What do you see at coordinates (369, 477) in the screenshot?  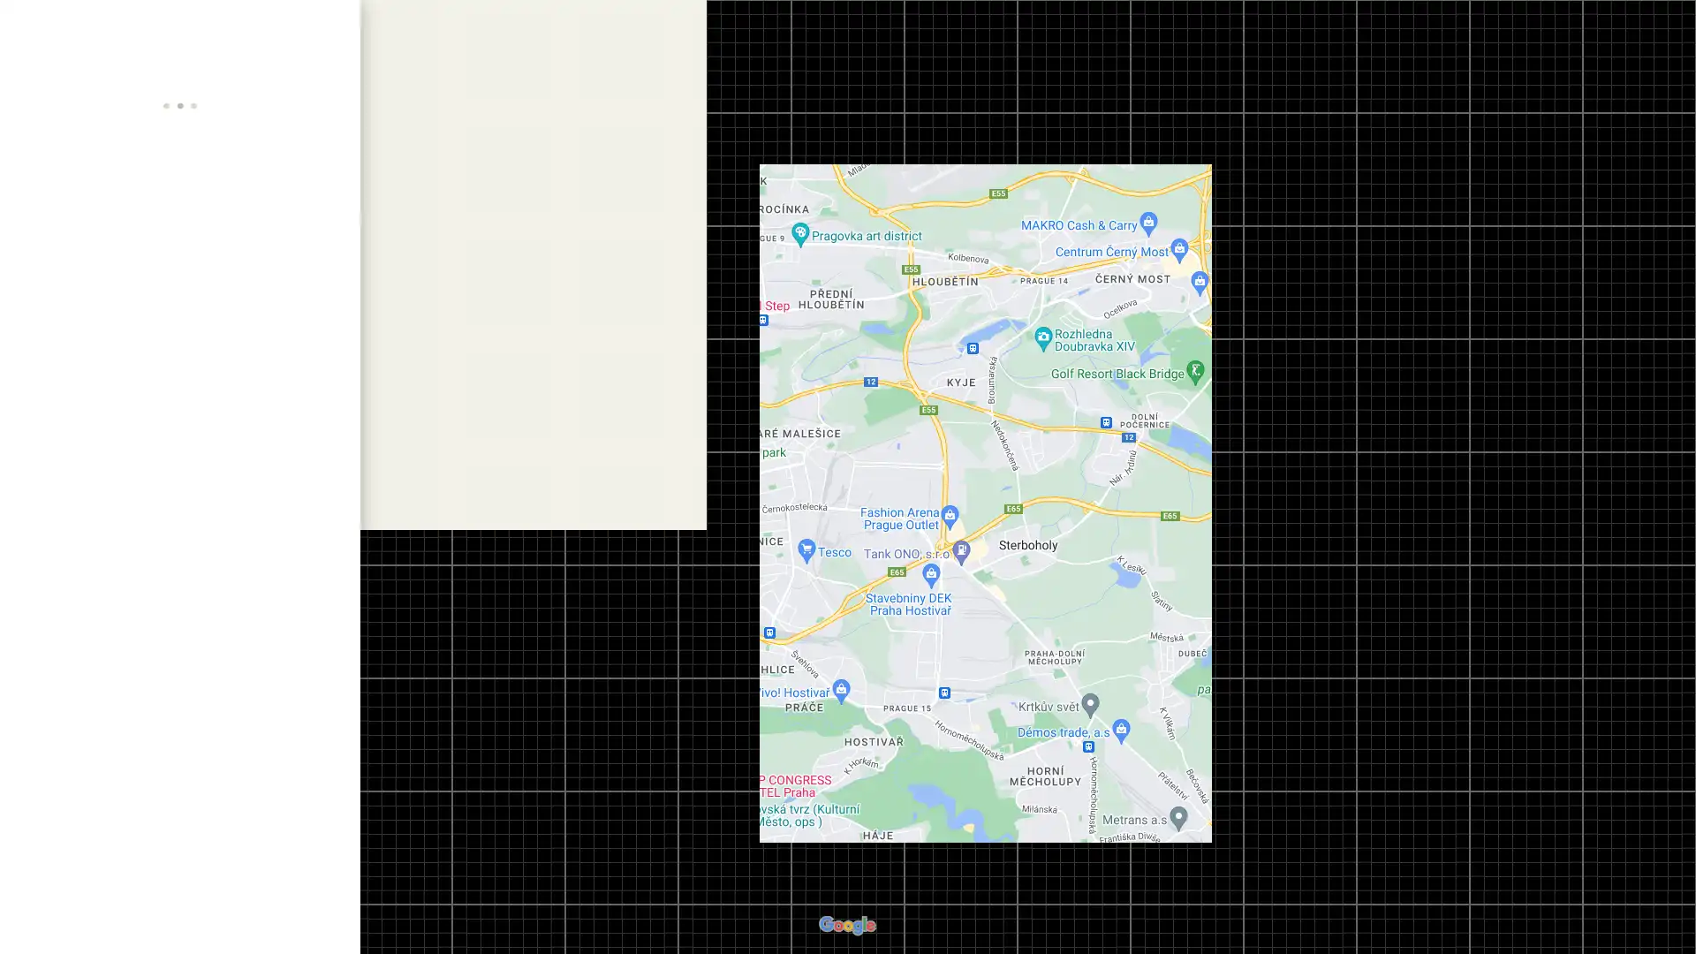 I see `Collapse side panel` at bounding box center [369, 477].